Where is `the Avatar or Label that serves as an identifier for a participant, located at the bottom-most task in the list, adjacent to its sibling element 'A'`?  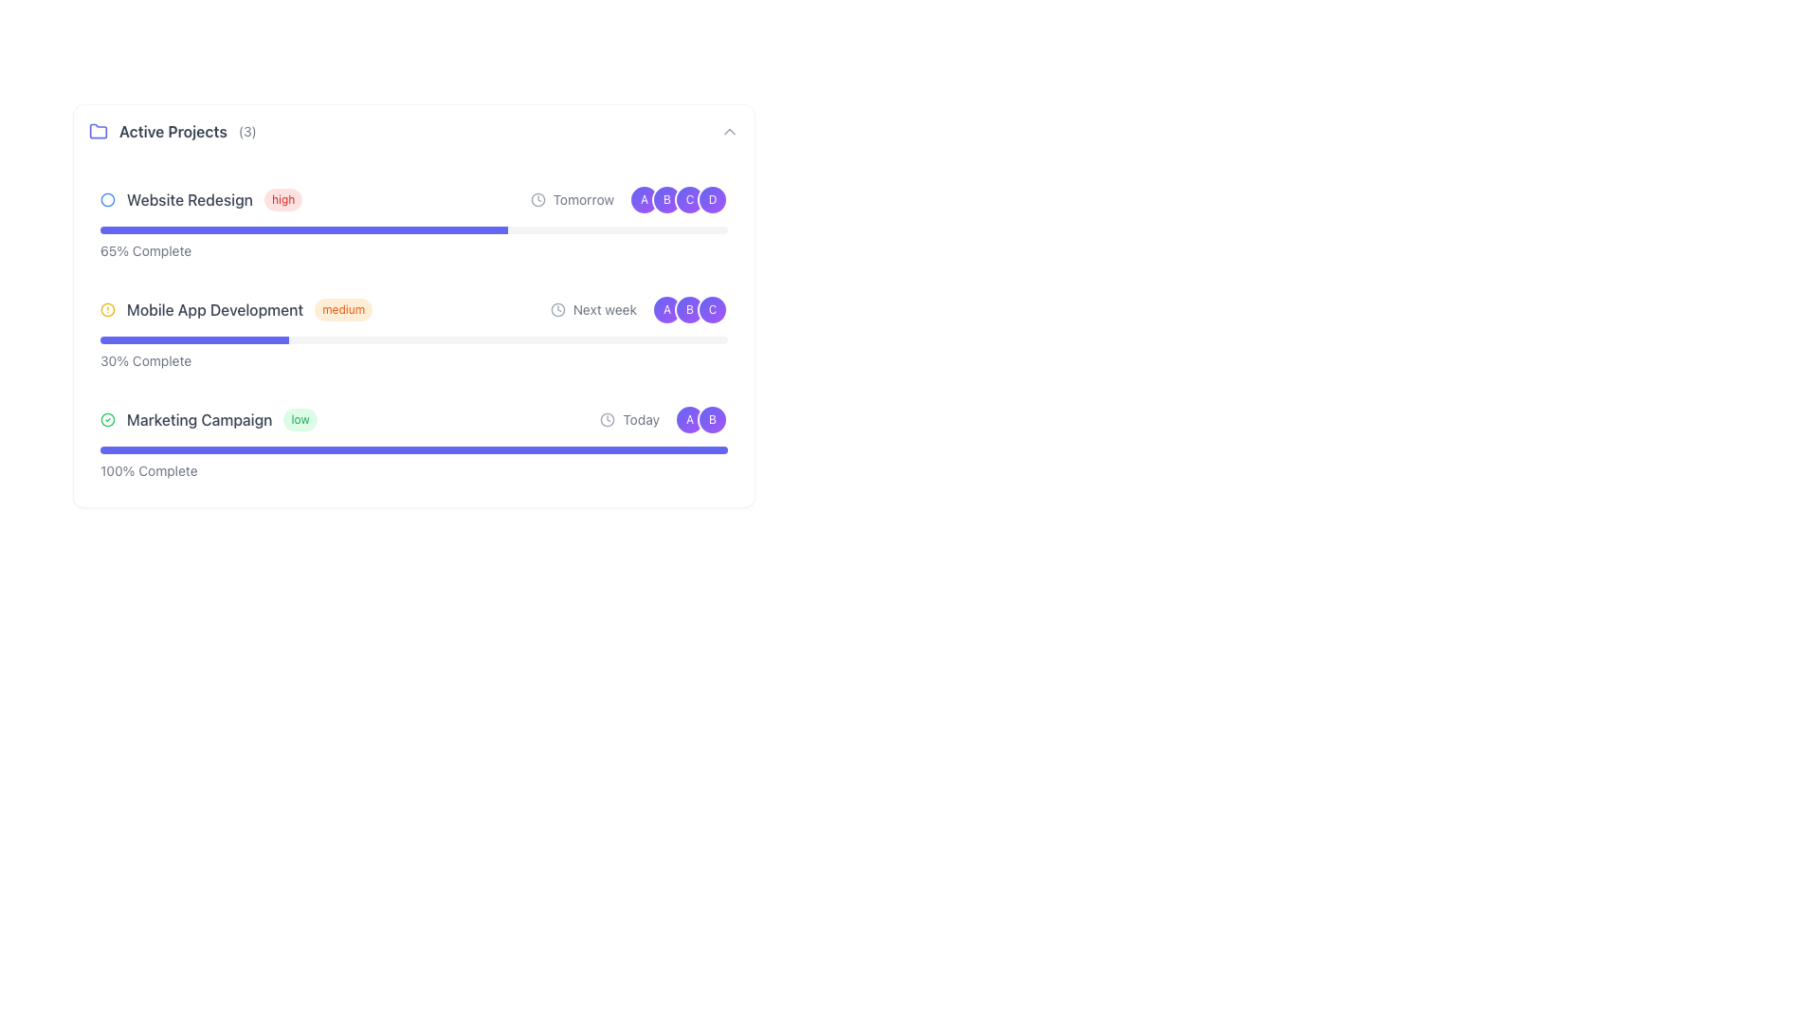
the Avatar or Label that serves as an identifier for a participant, located at the bottom-most task in the list, adjacent to its sibling element 'A' is located at coordinates (712, 419).